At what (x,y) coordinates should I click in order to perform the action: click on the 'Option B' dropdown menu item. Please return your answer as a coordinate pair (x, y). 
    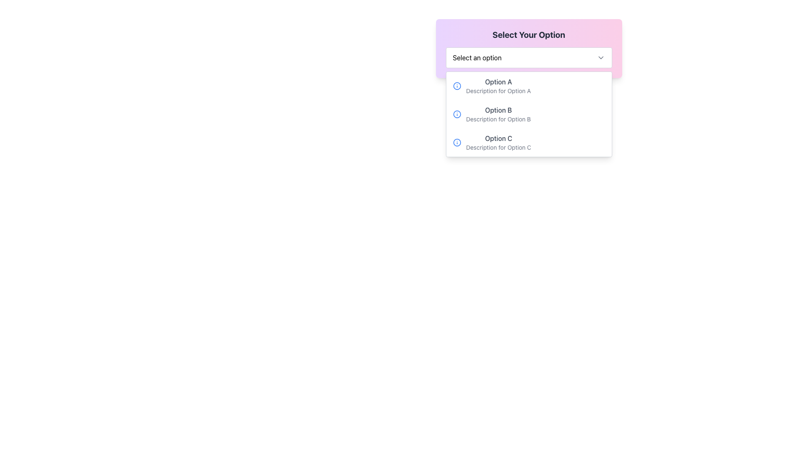
    Looking at the image, I should click on (528, 114).